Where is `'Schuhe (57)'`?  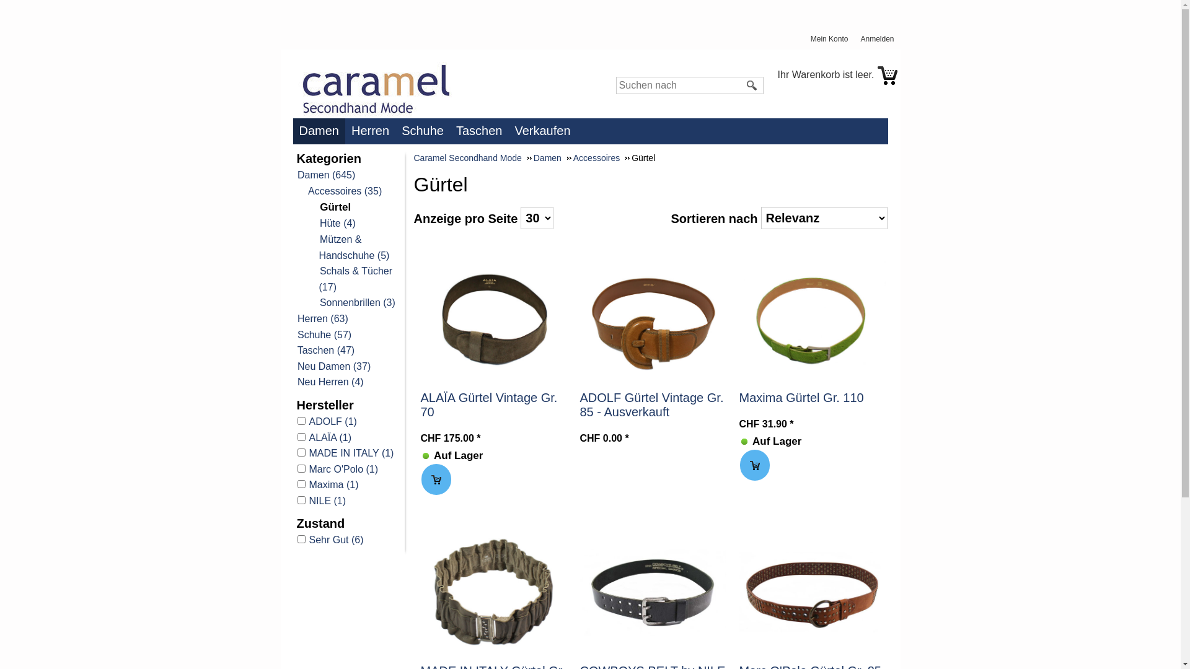 'Schuhe (57)' is located at coordinates (324, 334).